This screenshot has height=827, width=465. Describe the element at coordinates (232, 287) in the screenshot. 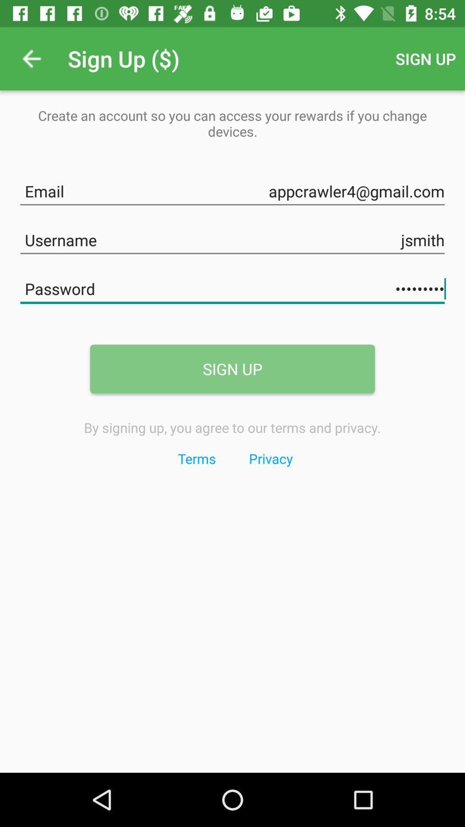

I see `item above the sign up item` at that location.